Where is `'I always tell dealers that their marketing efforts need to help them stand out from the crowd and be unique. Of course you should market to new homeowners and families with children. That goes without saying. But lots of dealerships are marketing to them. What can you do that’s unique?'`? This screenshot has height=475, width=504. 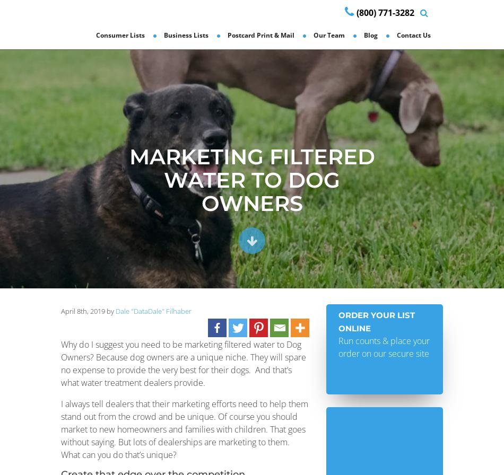 'I always tell dealers that their marketing efforts need to help them stand out from the crowd and be unique. Of course you should market to new homeowners and families with children. That goes without saying. But lots of dealerships are marketing to them. What can you do that’s unique?' is located at coordinates (184, 429).